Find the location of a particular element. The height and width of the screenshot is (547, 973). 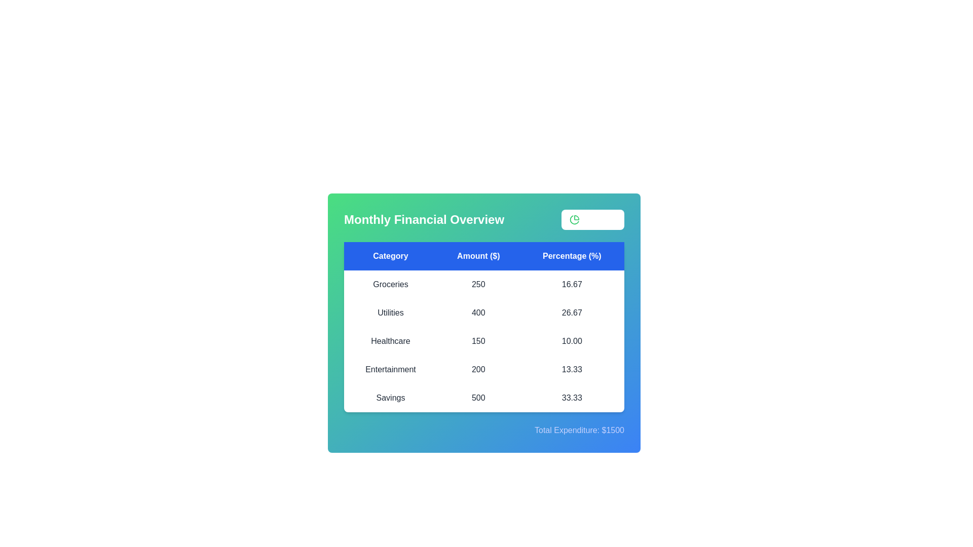

the percentage value for the category Healthcare is located at coordinates (572, 341).